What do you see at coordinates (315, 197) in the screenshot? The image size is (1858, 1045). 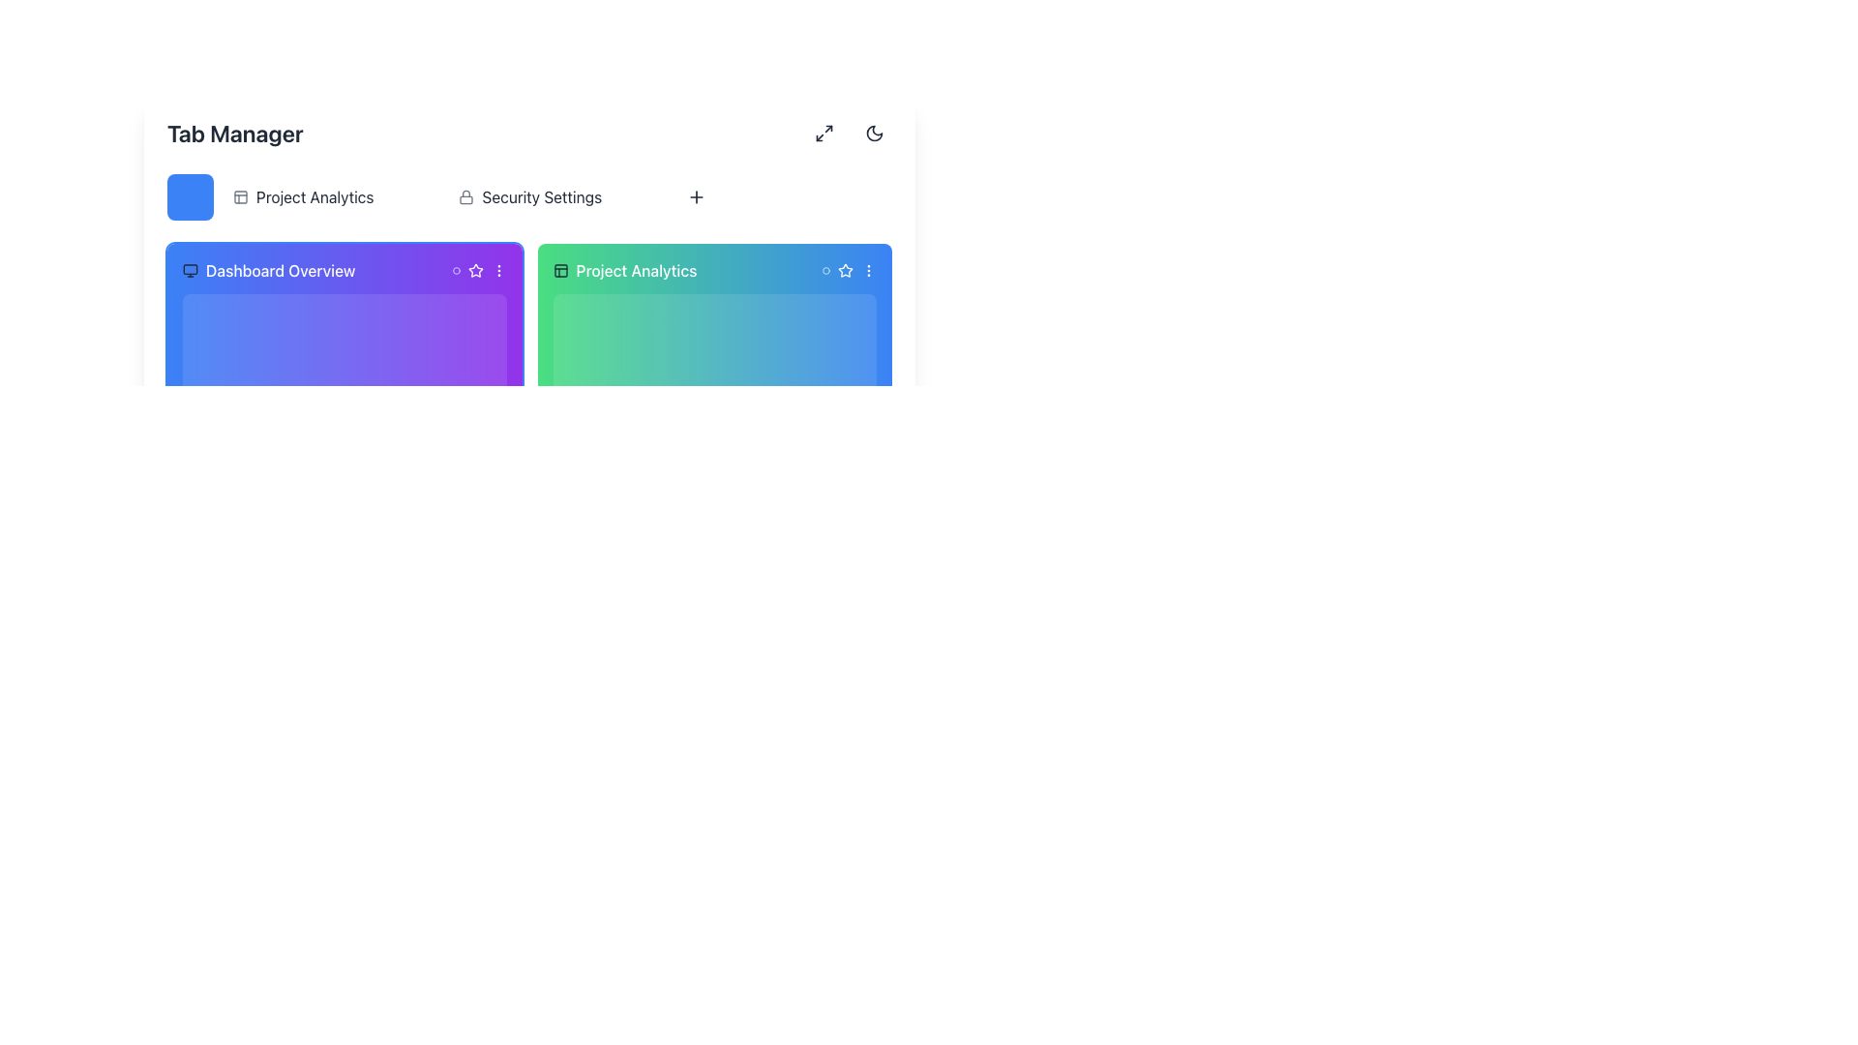 I see `the text label displaying 'Project Analytics' in black sans-serif font, located at the top-left part of the interface, to the right of a small blue square icon` at bounding box center [315, 197].